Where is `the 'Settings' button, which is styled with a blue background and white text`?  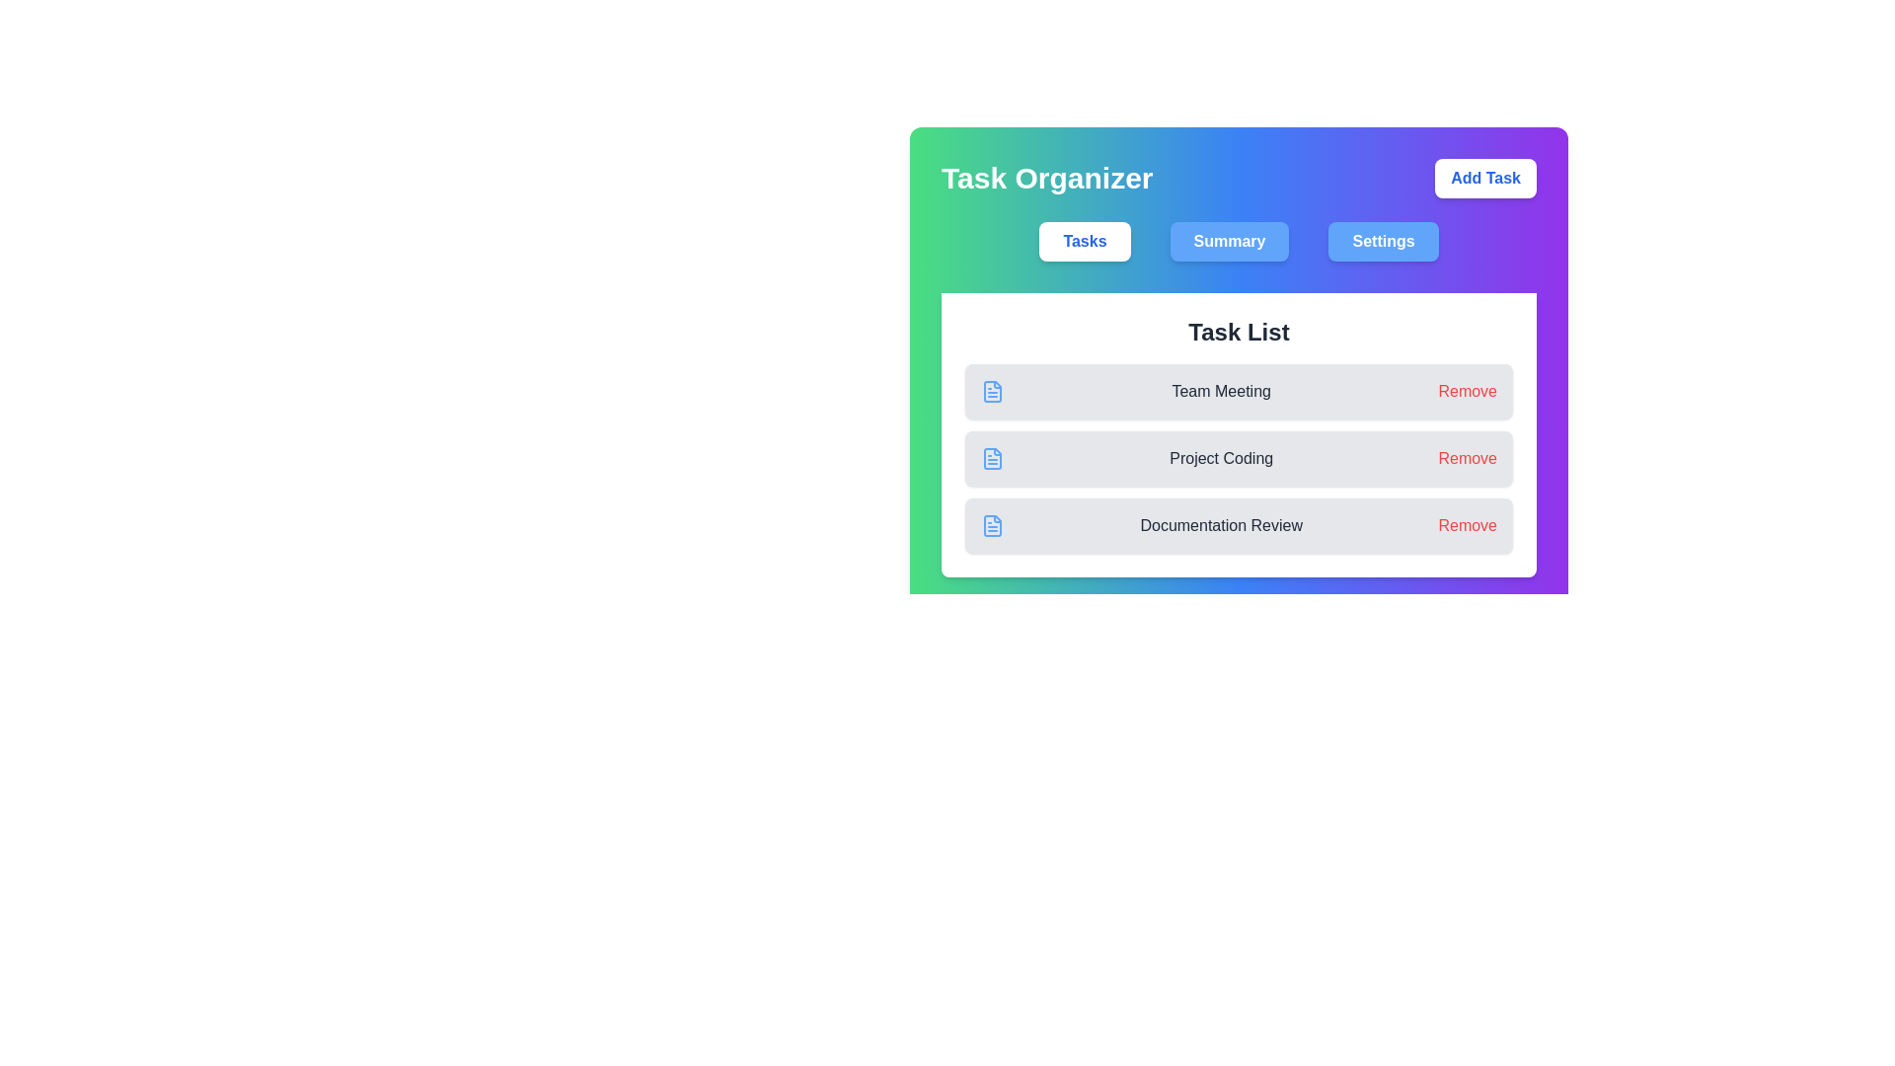
the 'Settings' button, which is styled with a blue background and white text is located at coordinates (1382, 241).